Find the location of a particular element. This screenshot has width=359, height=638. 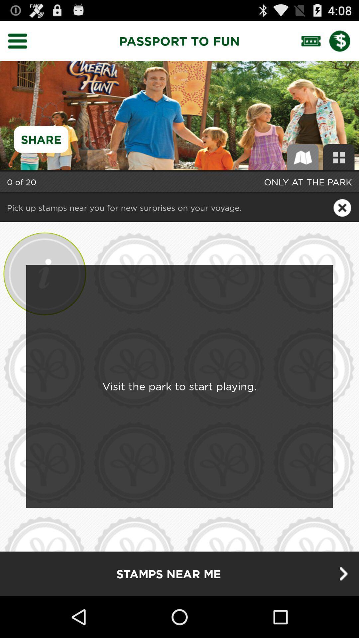

the menu icon is located at coordinates (21, 44).